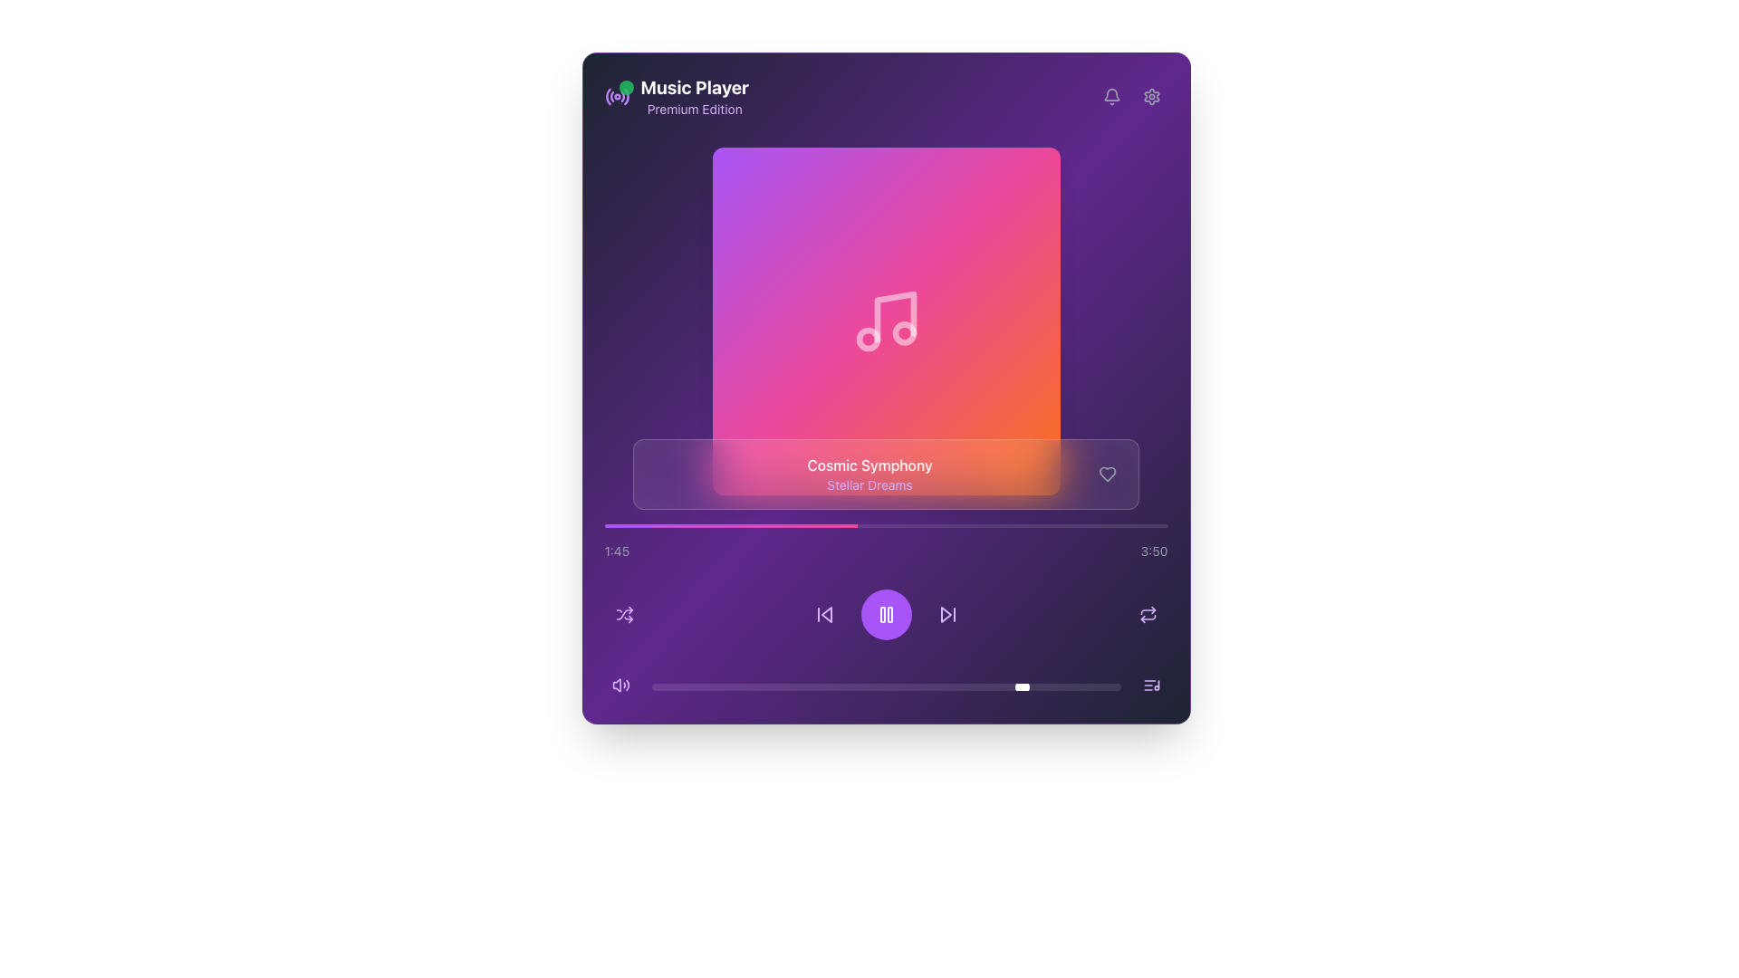  What do you see at coordinates (886, 613) in the screenshot?
I see `the pause IconButton located centrally in the bottom section of the music player interface for visual feedback` at bounding box center [886, 613].